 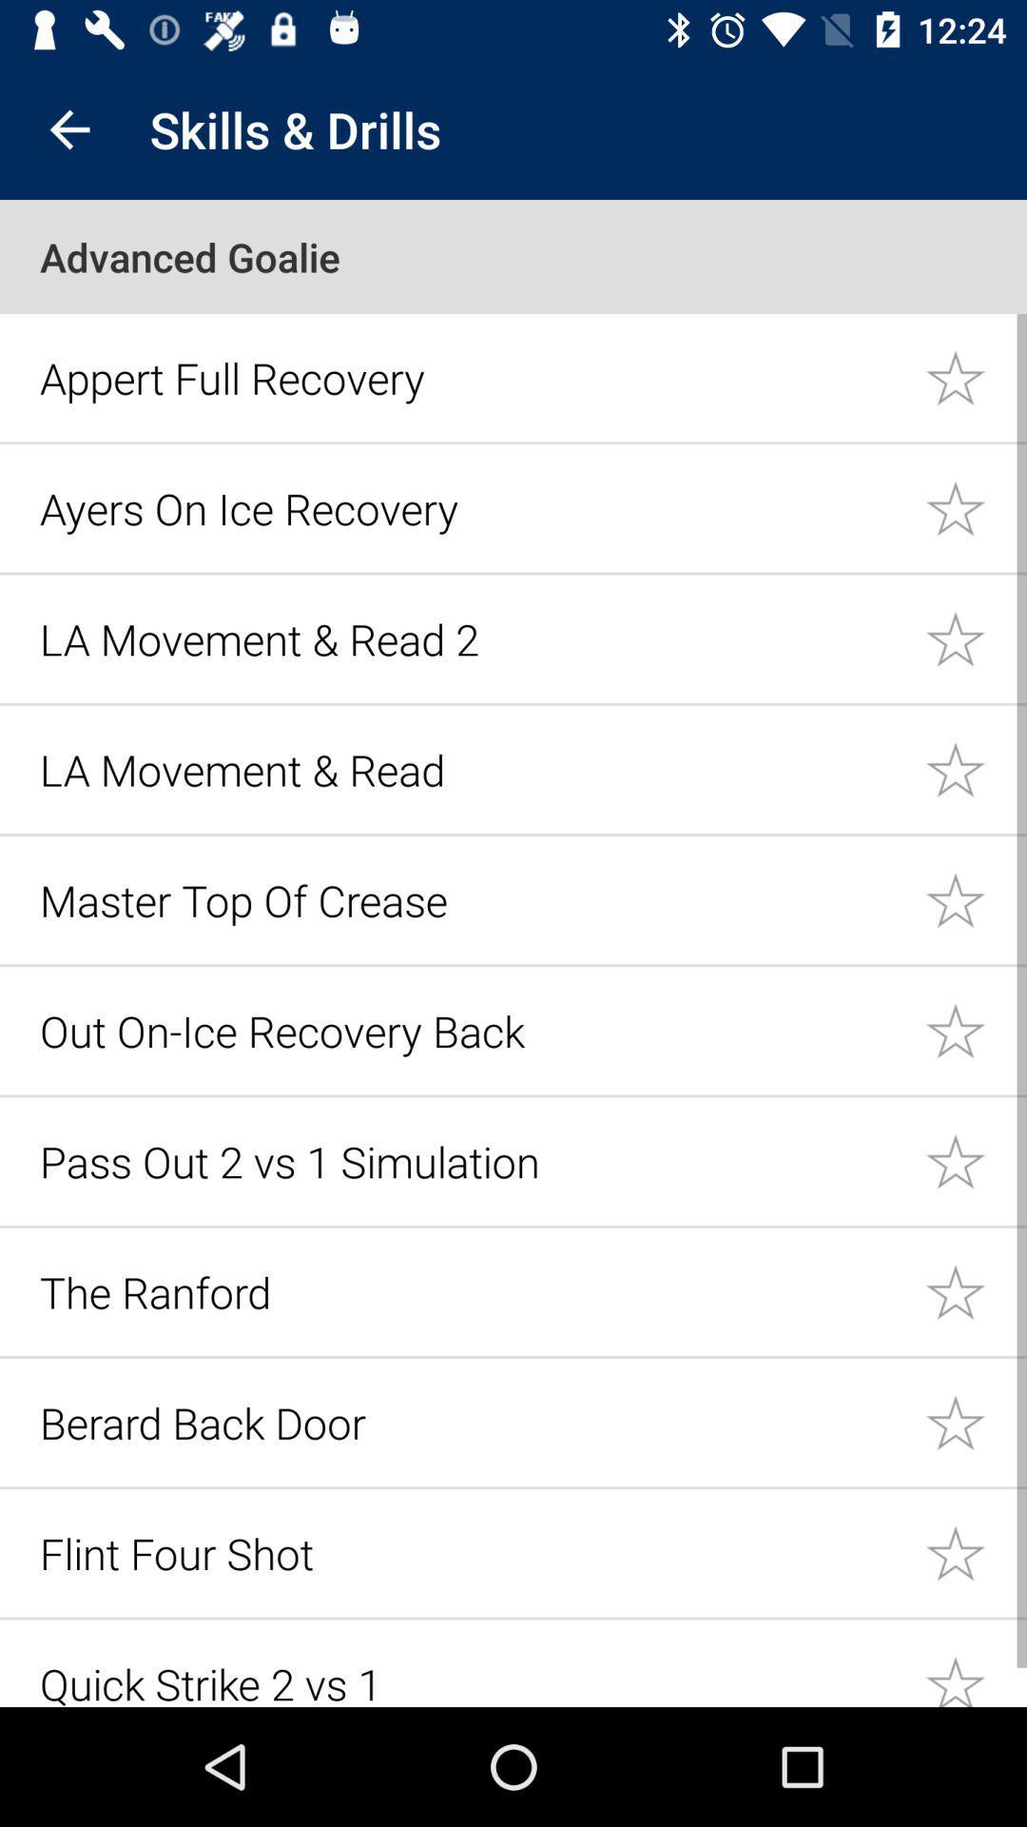 I want to click on second list item to list of starred items, so click(x=976, y=507).